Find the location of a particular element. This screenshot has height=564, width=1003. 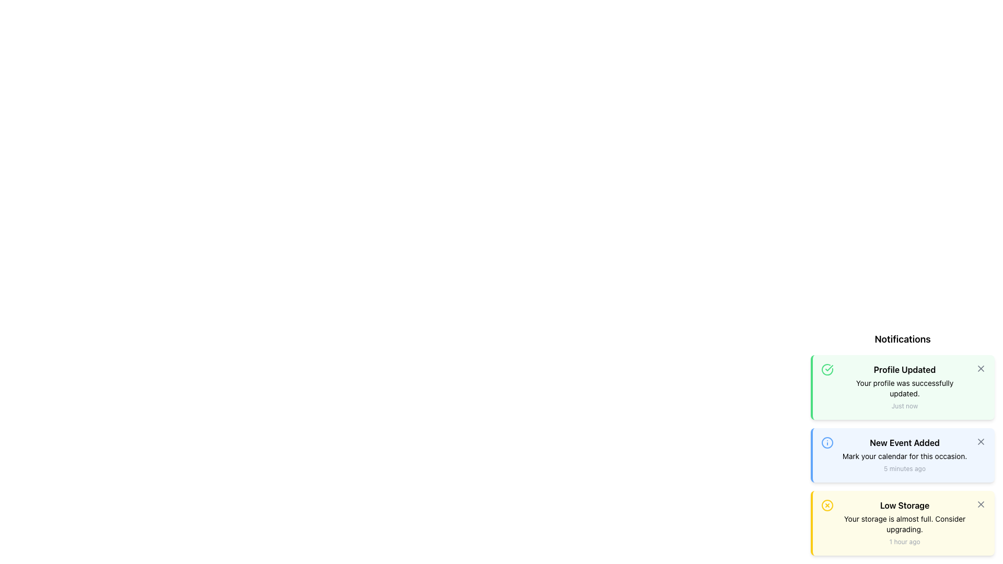

the close button located in the top-right corner of the 'Low Storage' notification card is located at coordinates (980, 503).